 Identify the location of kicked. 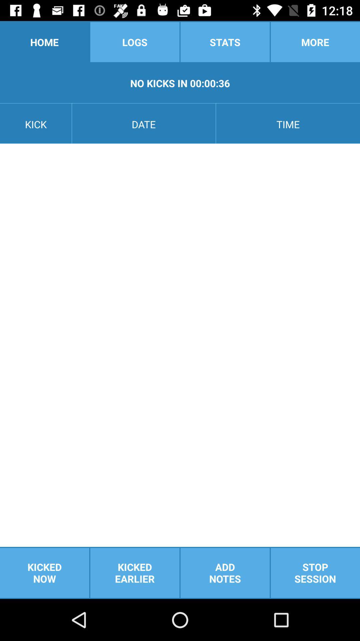
(135, 573).